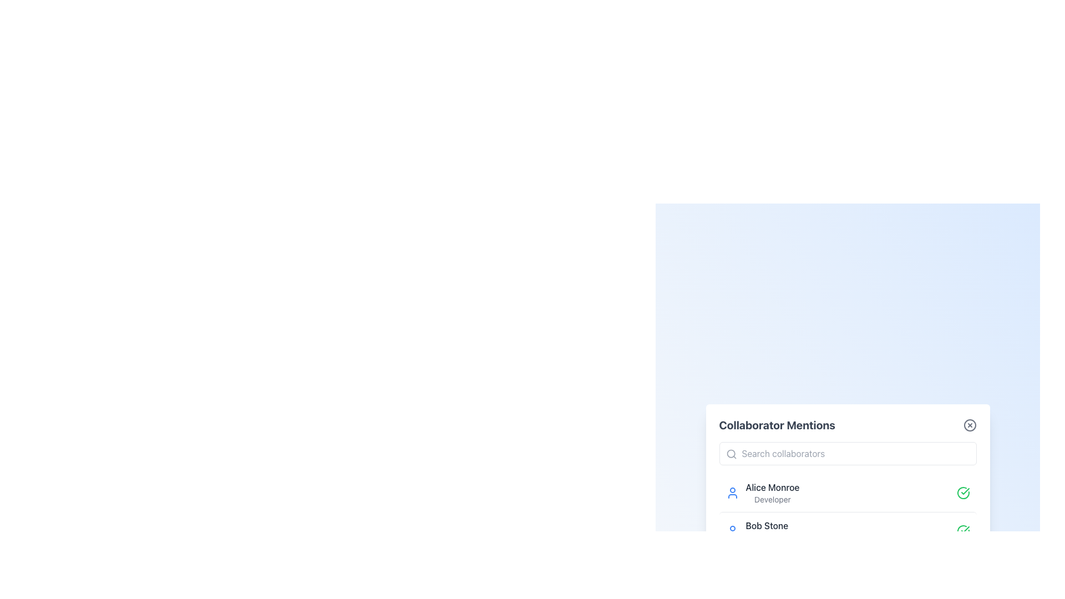 The width and height of the screenshot is (1065, 599). I want to click on the text label displaying the name 'Bob Stone', so click(766, 530).